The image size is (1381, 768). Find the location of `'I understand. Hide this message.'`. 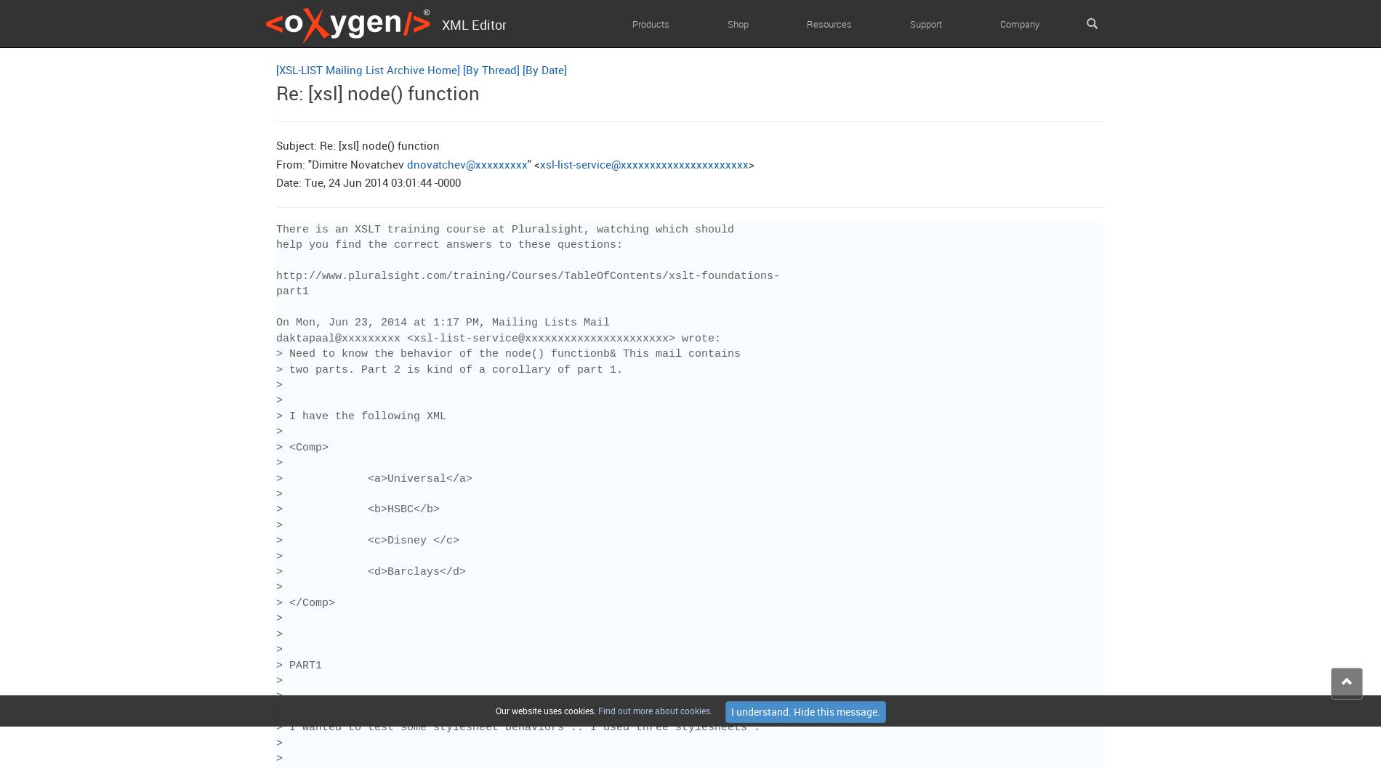

'I understand. Hide this message.' is located at coordinates (805, 711).